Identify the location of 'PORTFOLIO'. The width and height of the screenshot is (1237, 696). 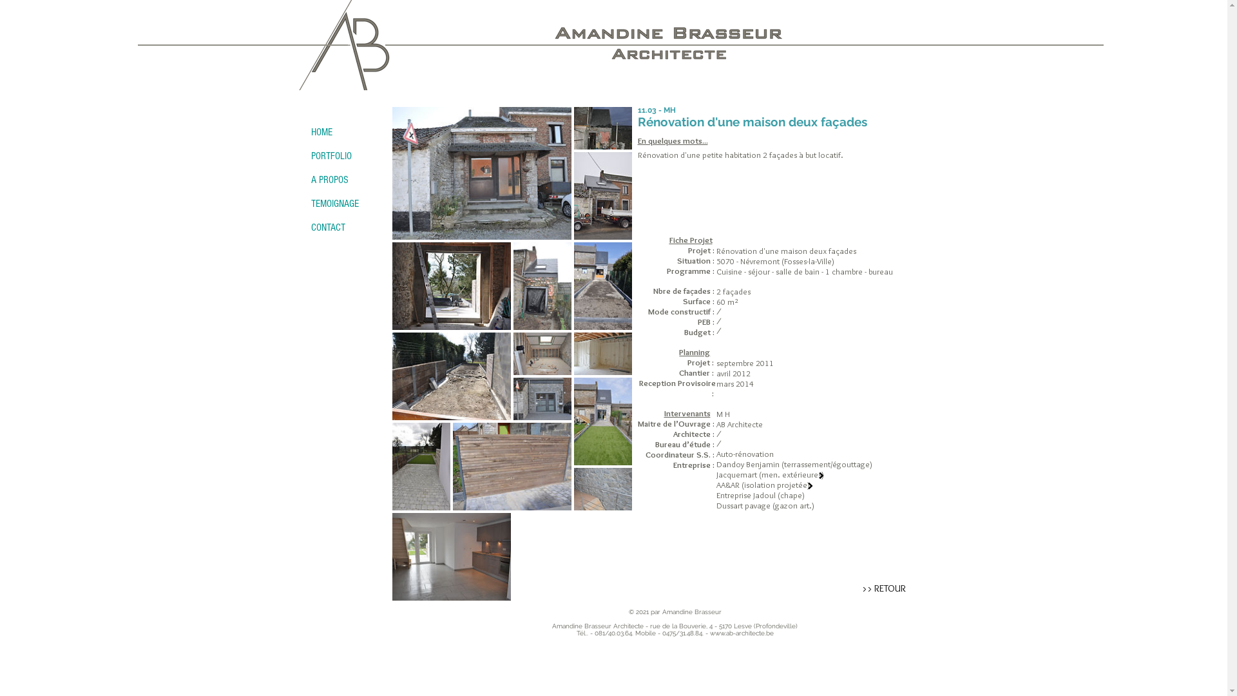
(346, 155).